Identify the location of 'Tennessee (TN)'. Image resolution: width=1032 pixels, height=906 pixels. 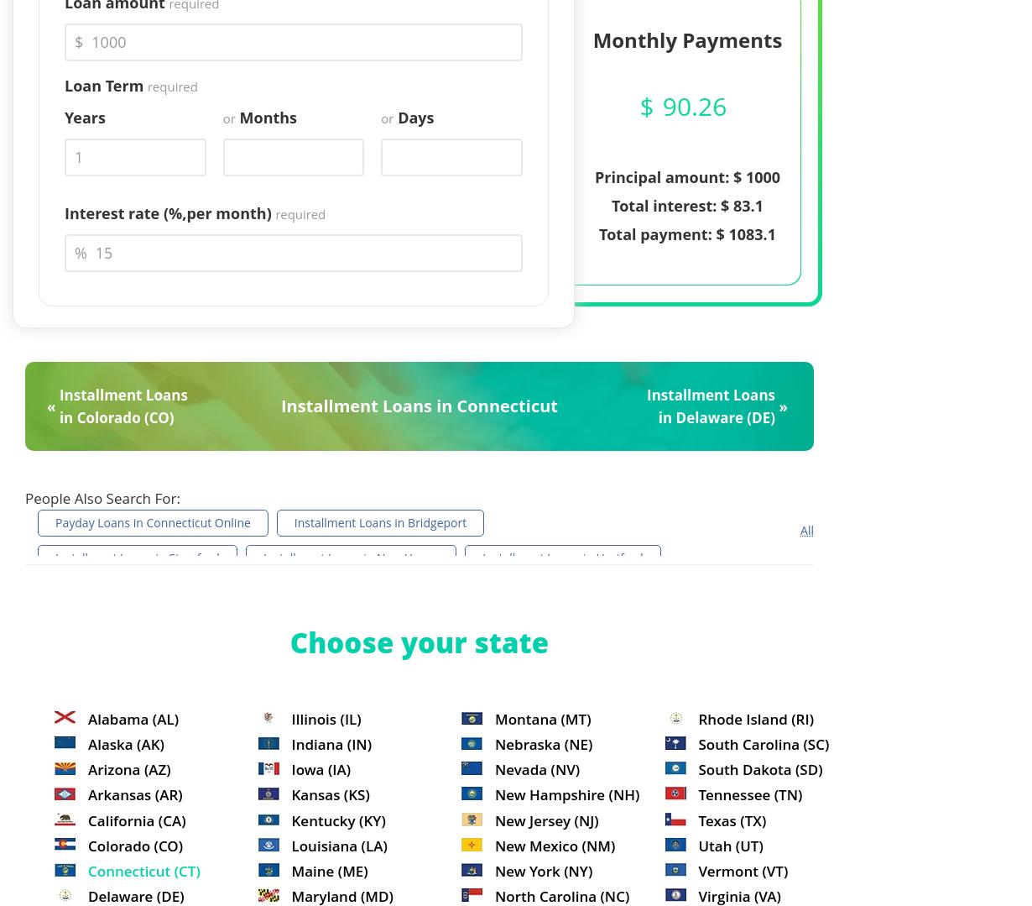
(749, 794).